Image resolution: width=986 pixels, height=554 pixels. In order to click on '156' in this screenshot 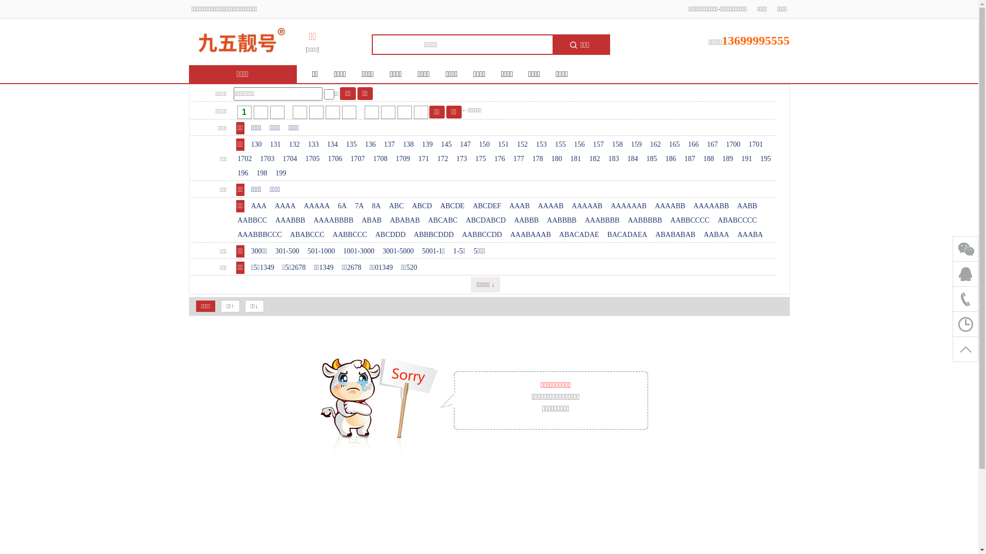, I will do `click(579, 144)`.